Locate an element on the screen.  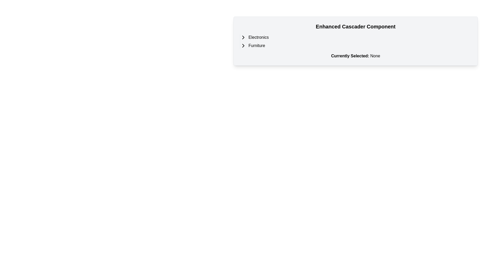
the 'Electronics' label is located at coordinates (259, 37).